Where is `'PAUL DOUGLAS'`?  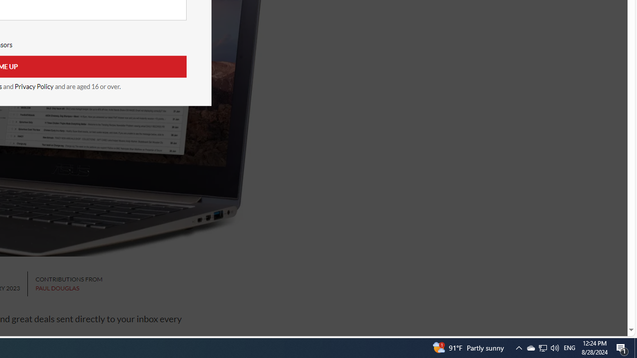
'PAUL DOUGLAS' is located at coordinates (57, 288).